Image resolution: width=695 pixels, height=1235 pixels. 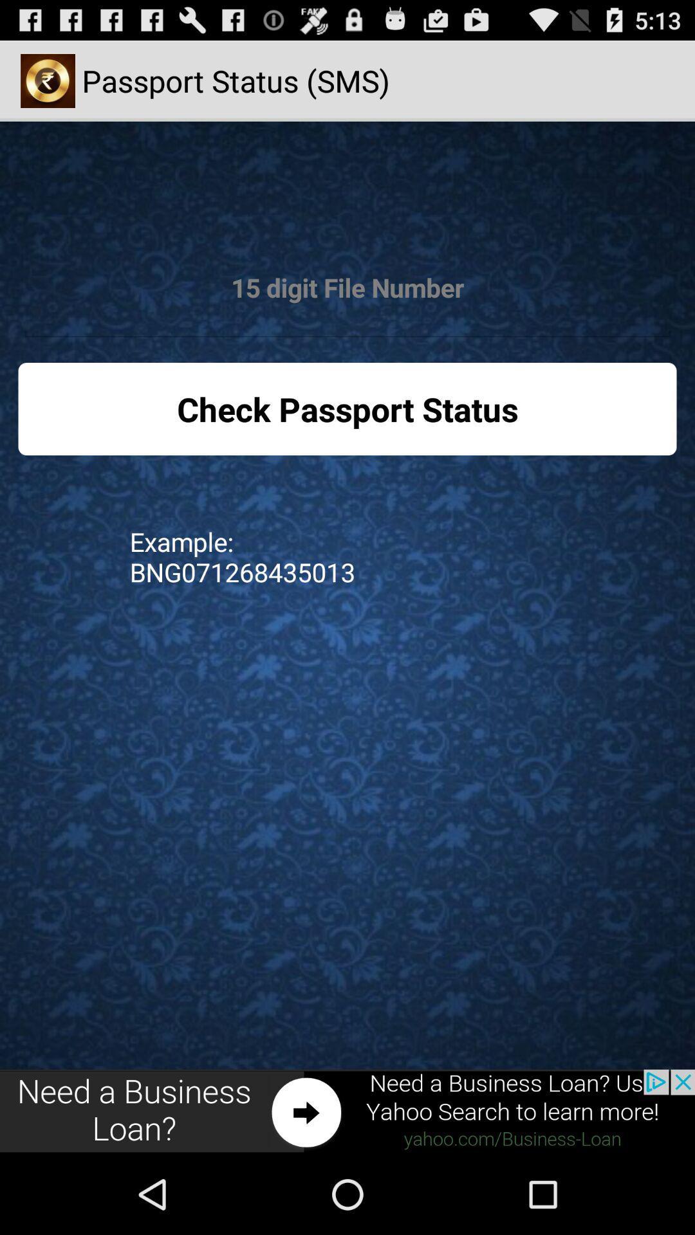 What do you see at coordinates (347, 288) in the screenshot?
I see `my file number` at bounding box center [347, 288].